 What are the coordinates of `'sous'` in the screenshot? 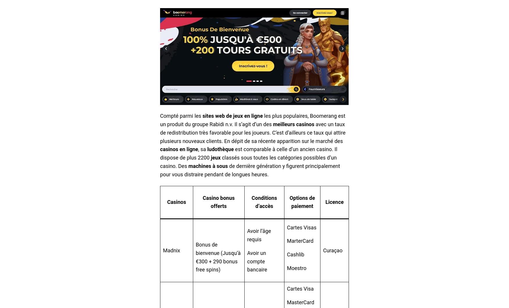 It's located at (222, 166).